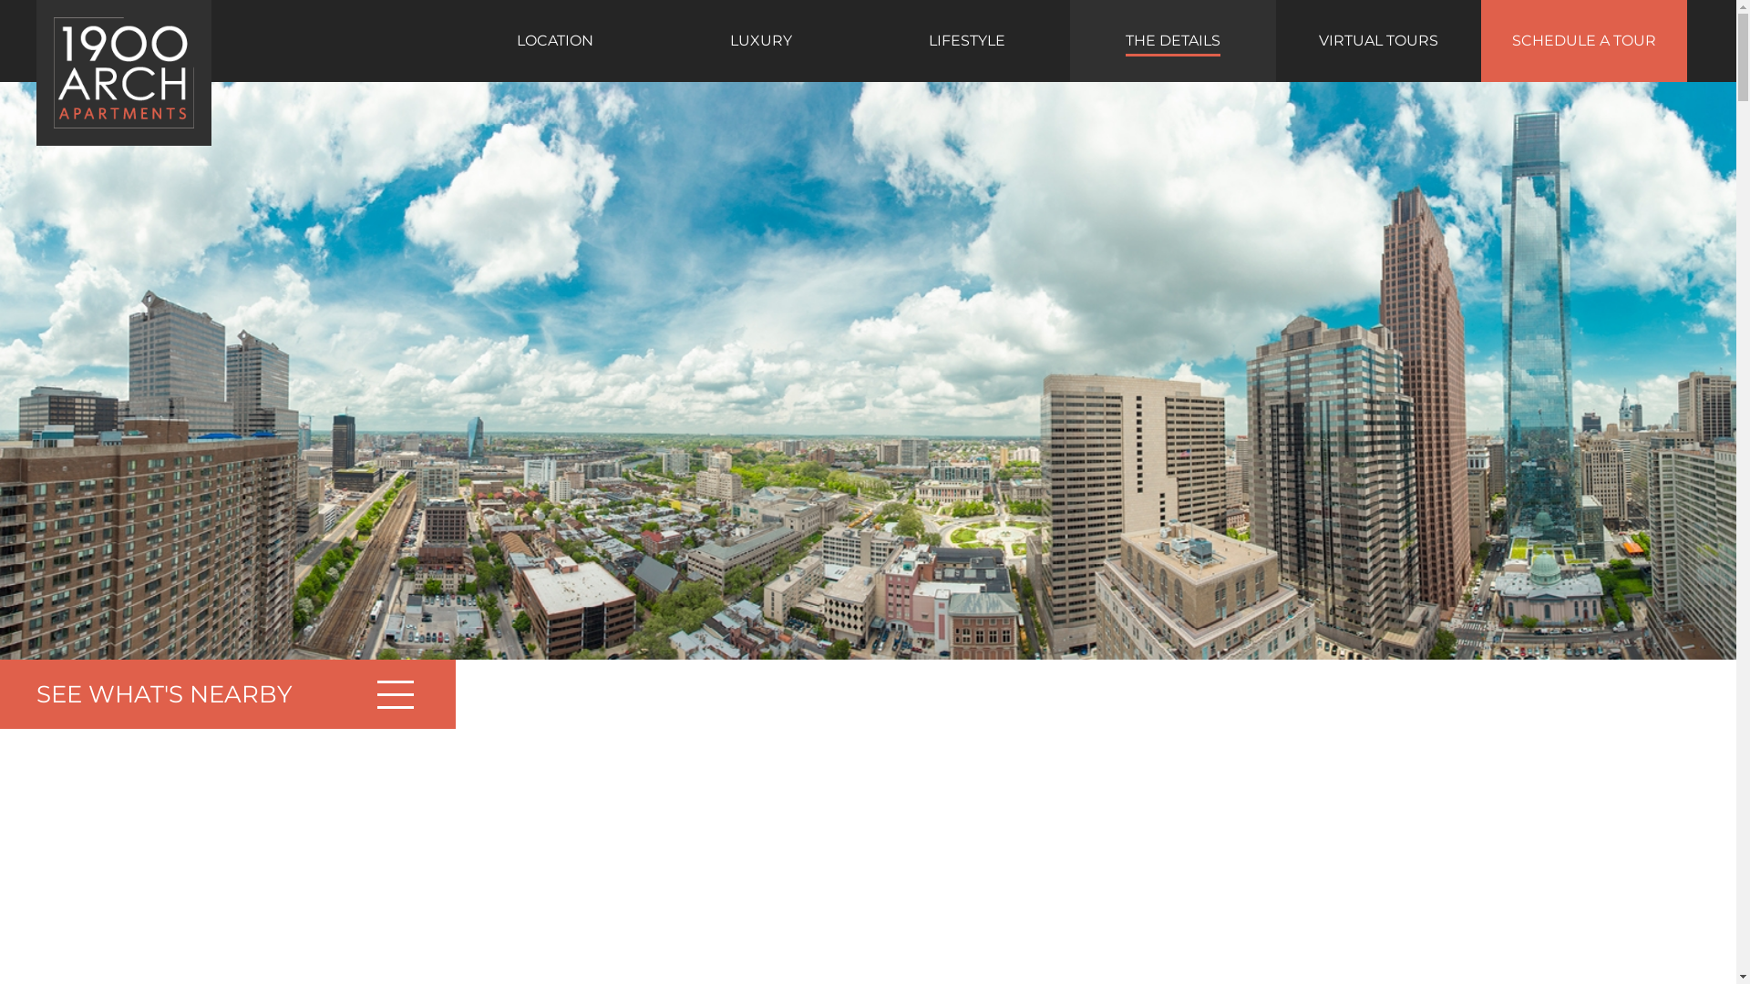  What do you see at coordinates (761, 41) in the screenshot?
I see `'LUXURY'` at bounding box center [761, 41].